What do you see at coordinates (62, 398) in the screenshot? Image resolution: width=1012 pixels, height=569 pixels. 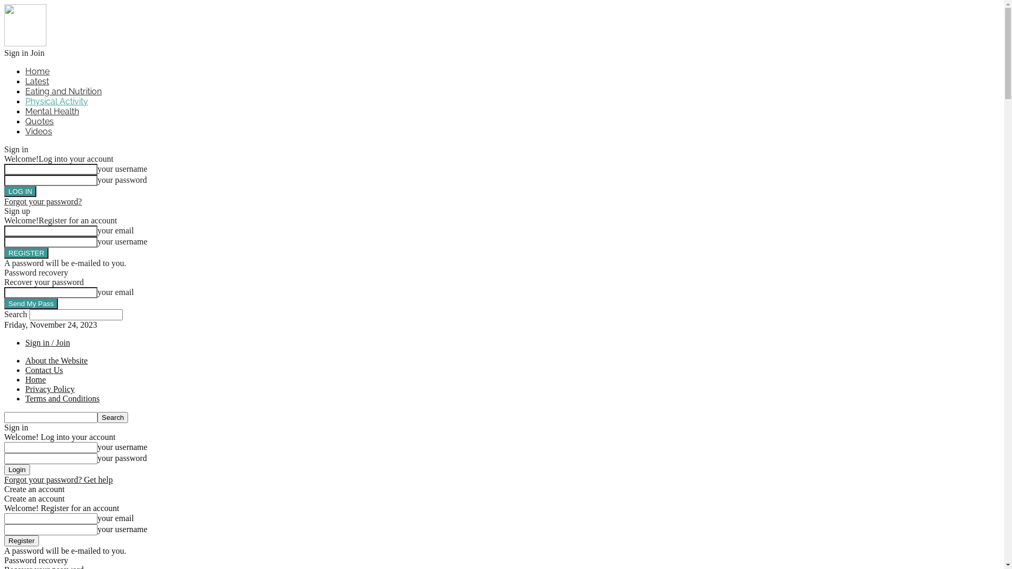 I see `'Terms and Conditions'` at bounding box center [62, 398].